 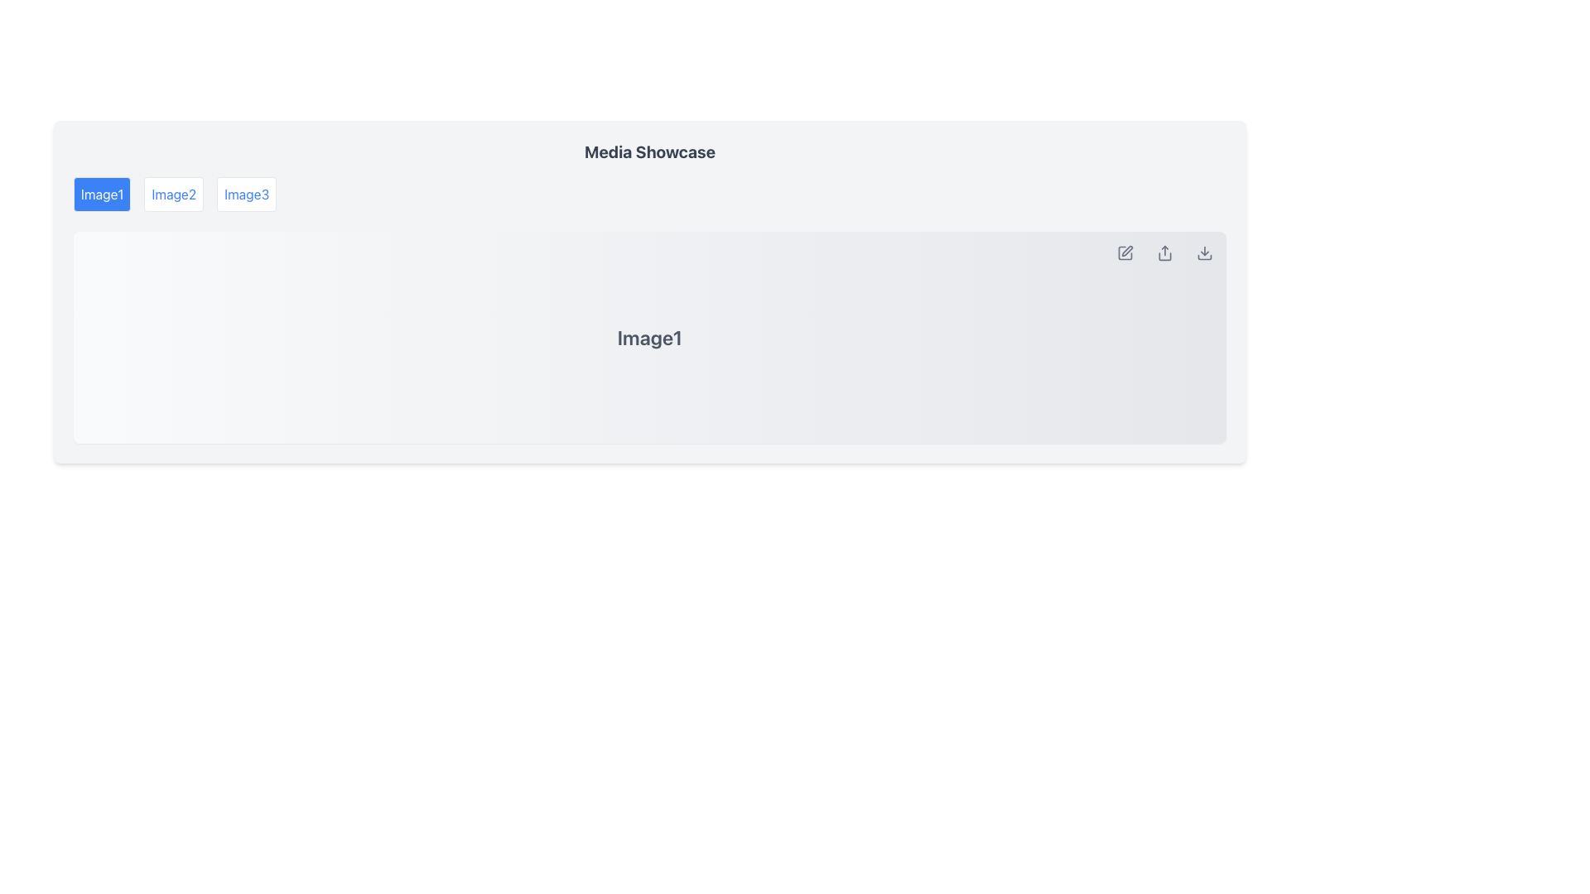 I want to click on the share icon, which is a minimalist vector graphic with an upward arrow, located in the top right corner of the media display area, so click(x=1164, y=252).